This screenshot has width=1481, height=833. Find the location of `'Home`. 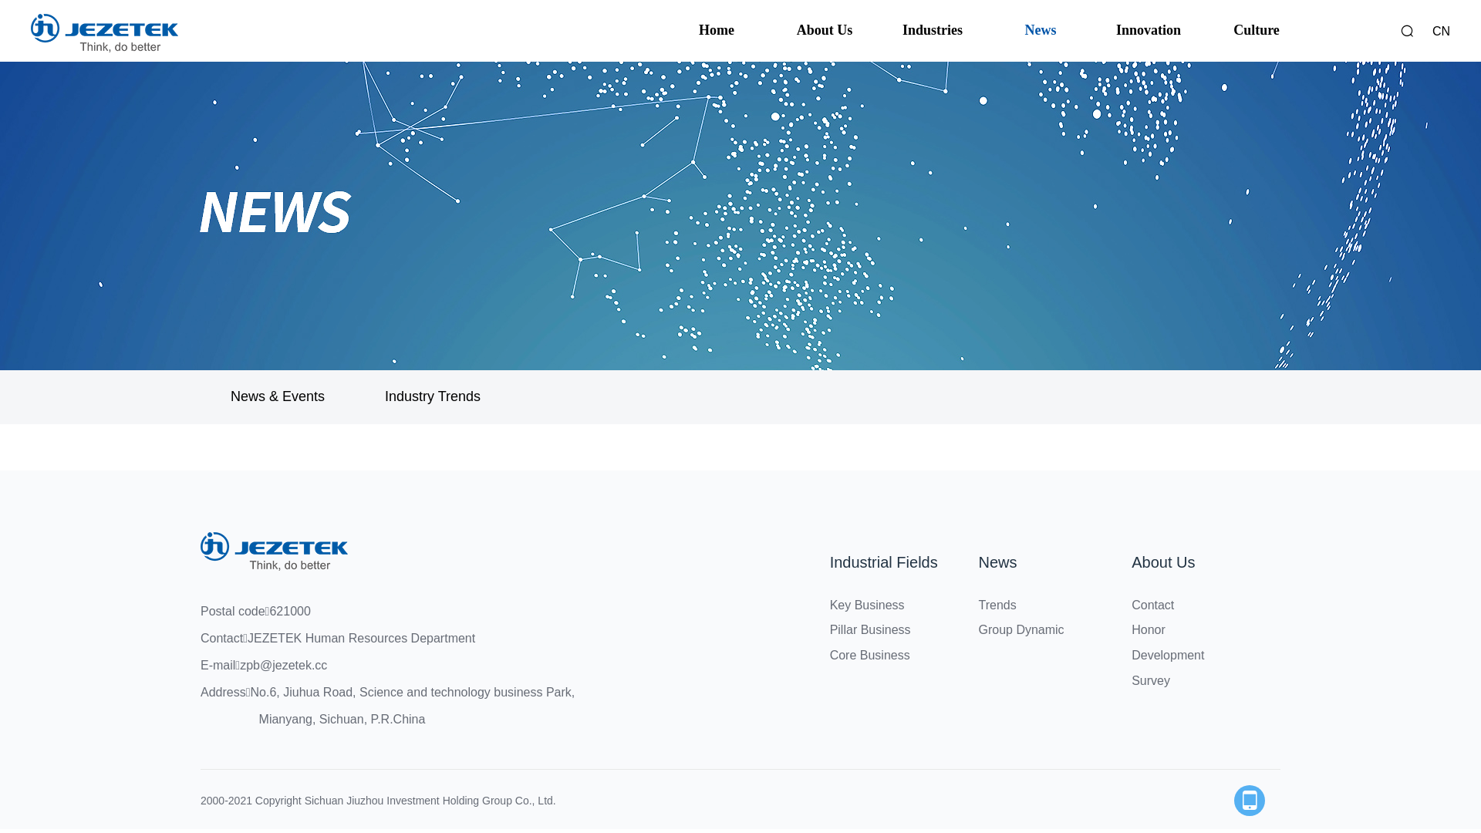

'Home is located at coordinates (716, 30).